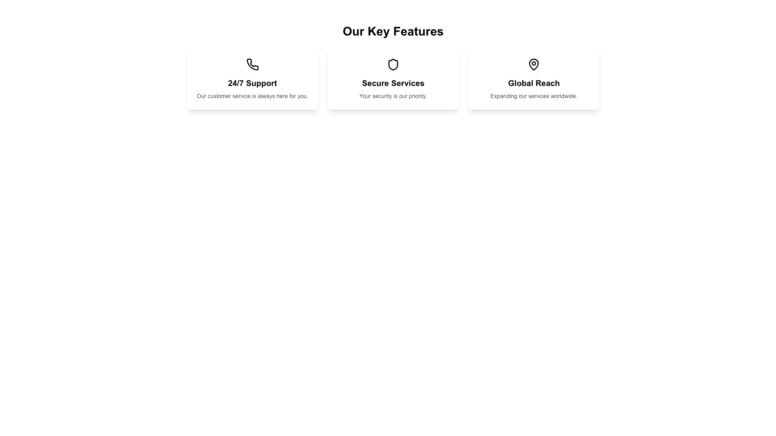 The image size is (776, 436). What do you see at coordinates (393, 83) in the screenshot?
I see `text 'Secure Services' displayed in a bold, large font within the middle feature card of three horizontal cards` at bounding box center [393, 83].